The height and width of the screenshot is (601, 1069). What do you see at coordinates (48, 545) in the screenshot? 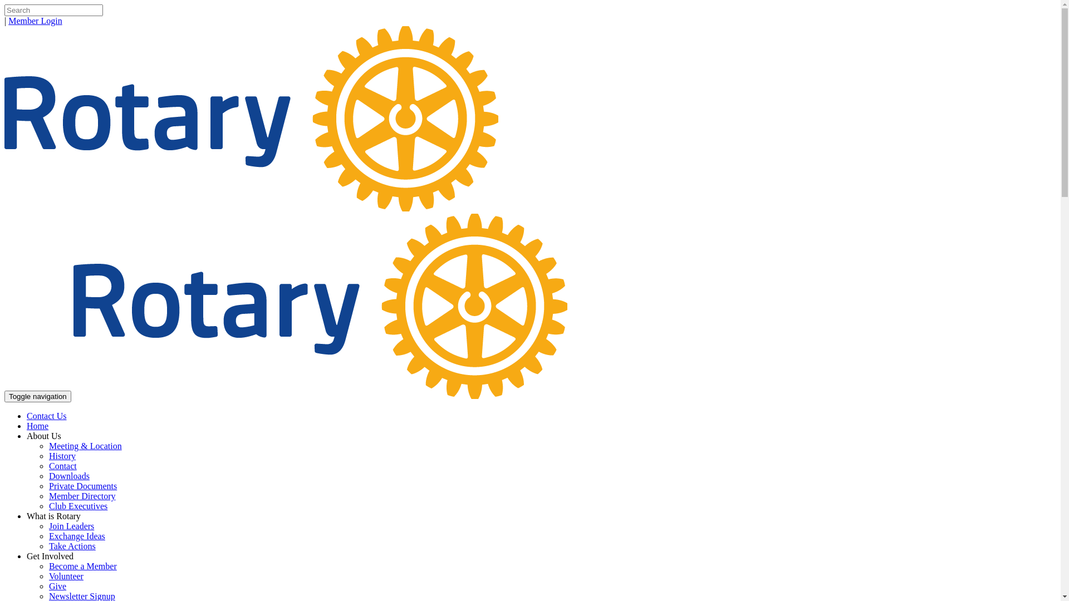
I see `'Take Actions'` at bounding box center [48, 545].